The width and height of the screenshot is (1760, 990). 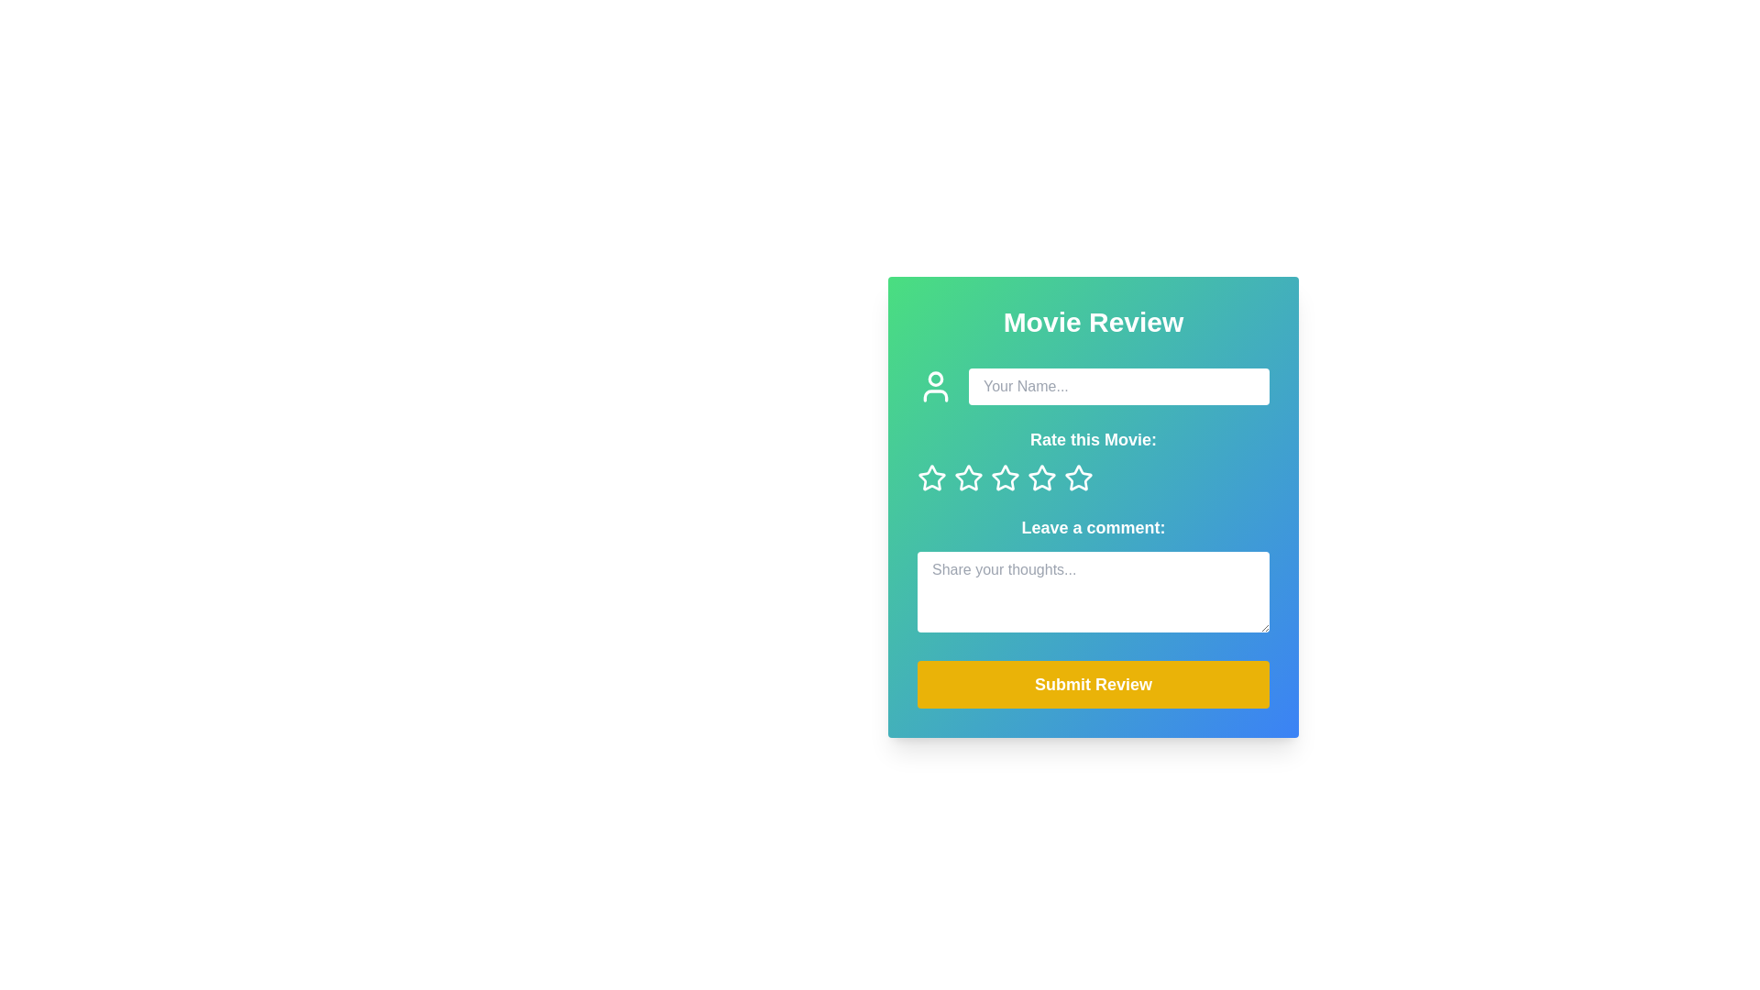 I want to click on the third star-shaped icon with a white outline and light blue fill, located below 'Rate this Movie:', so click(x=1042, y=477).